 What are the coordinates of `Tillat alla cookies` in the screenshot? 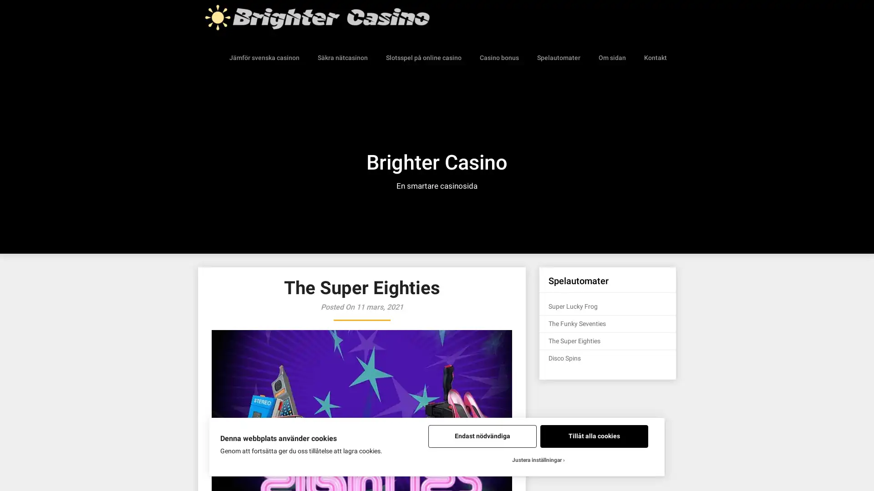 It's located at (594, 436).